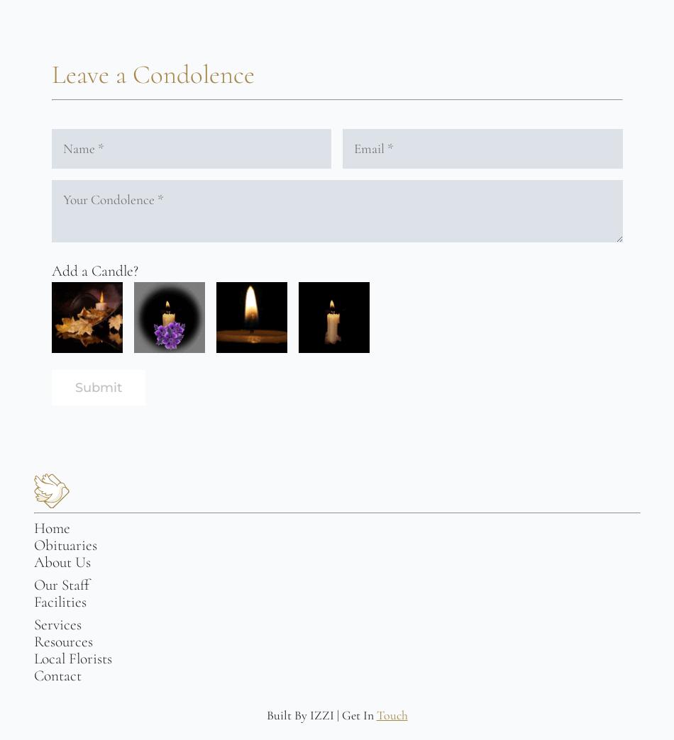  I want to click on 'Obituaries', so click(33, 545).